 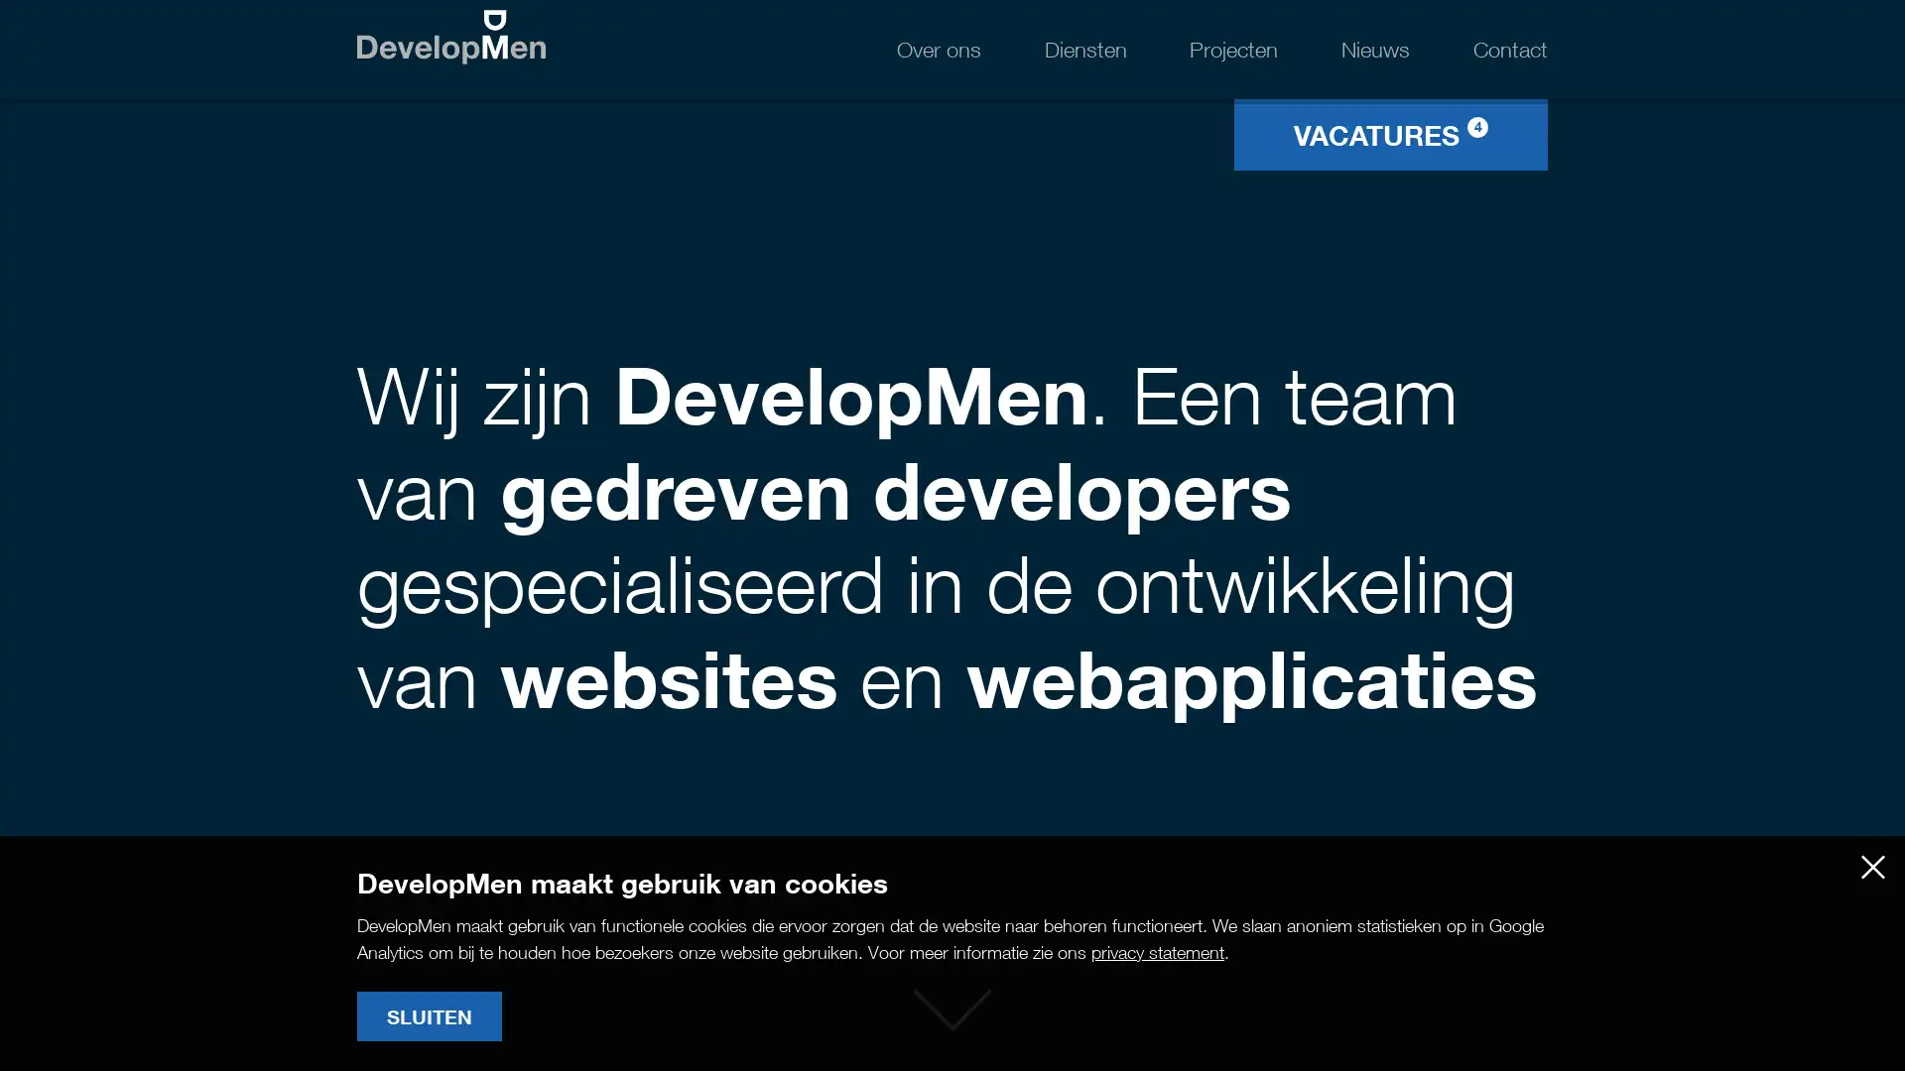 What do you see at coordinates (428, 1016) in the screenshot?
I see `SLUITEN` at bounding box center [428, 1016].